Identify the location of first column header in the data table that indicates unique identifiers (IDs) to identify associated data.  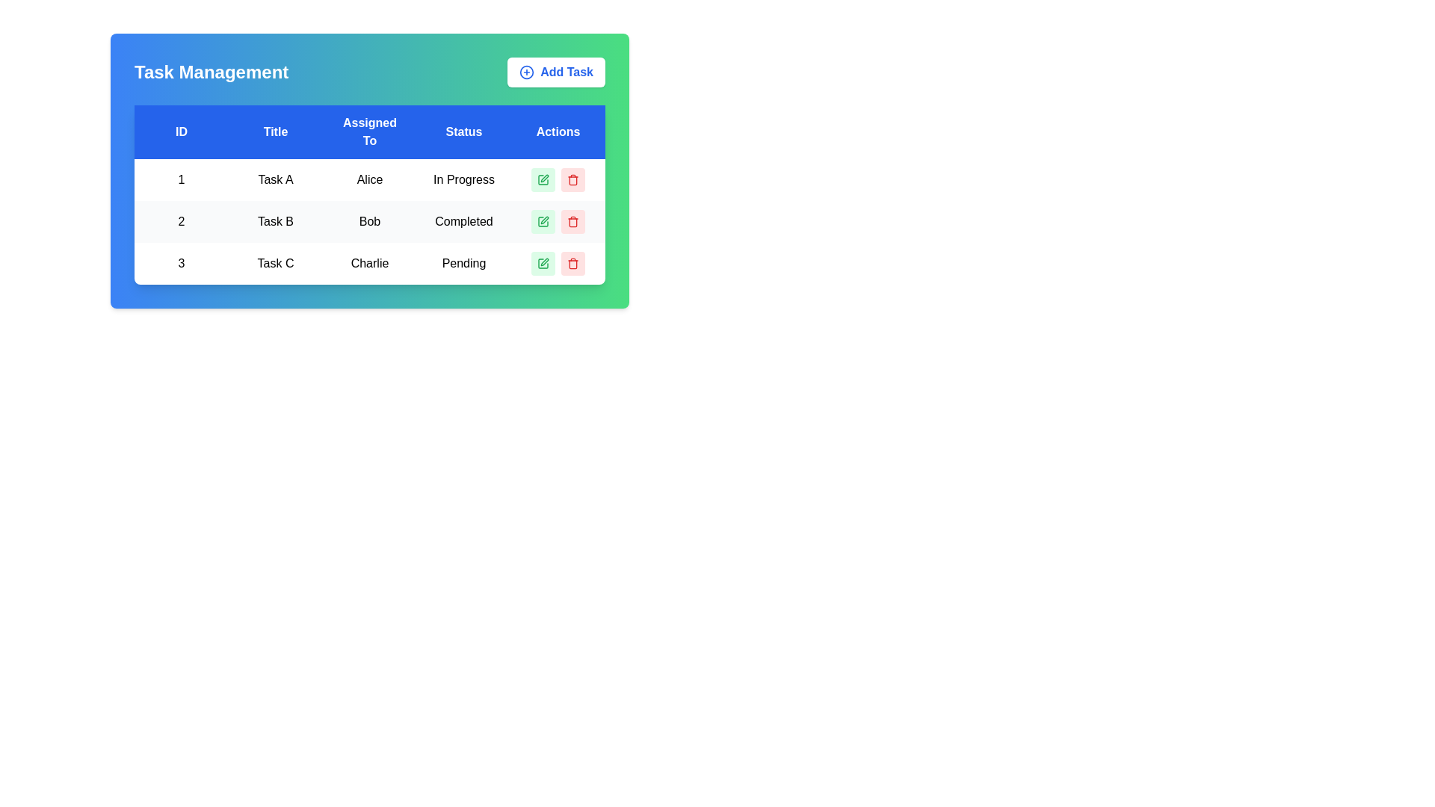
(181, 132).